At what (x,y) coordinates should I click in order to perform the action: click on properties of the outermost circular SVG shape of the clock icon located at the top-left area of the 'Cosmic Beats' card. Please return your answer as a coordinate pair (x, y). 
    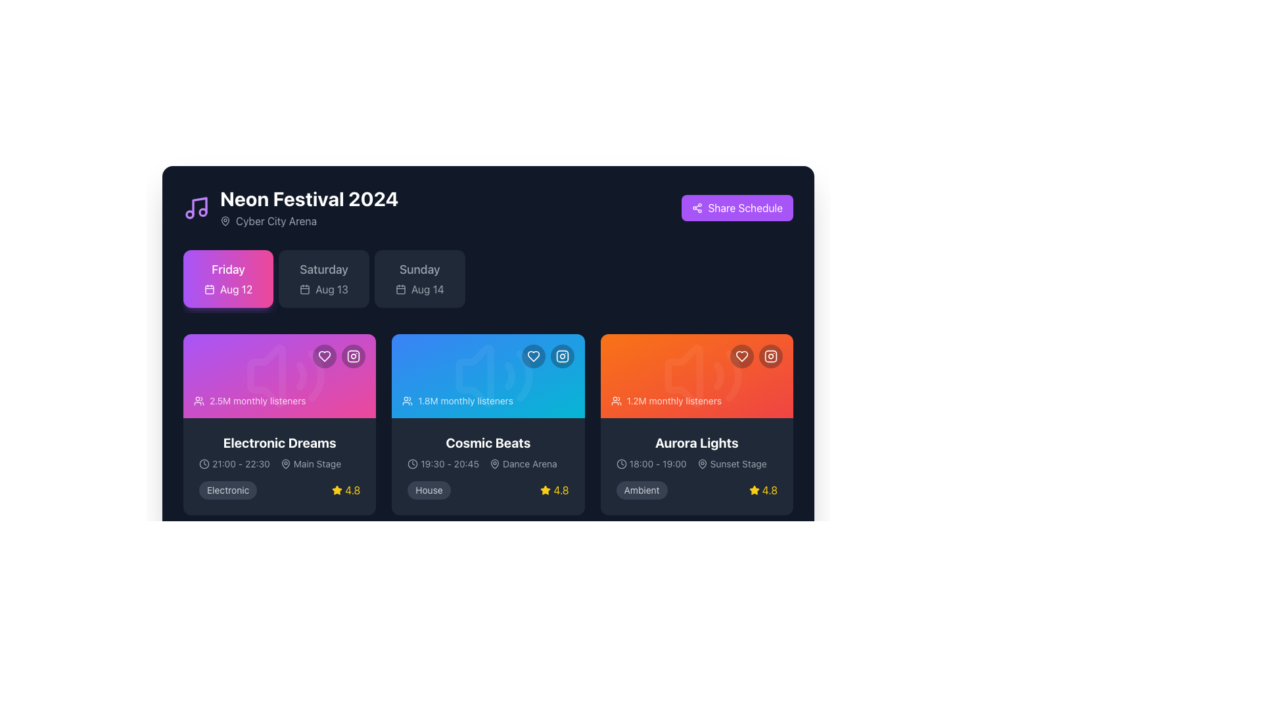
    Looking at the image, I should click on (412, 463).